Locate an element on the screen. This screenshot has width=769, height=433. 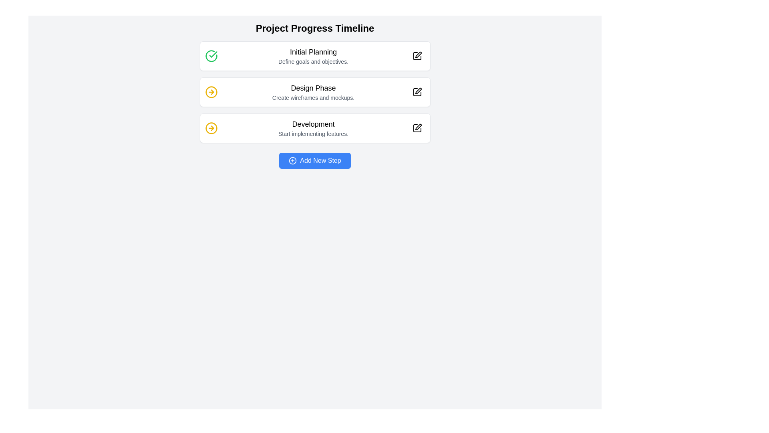
the icon button located on the far-right of the 'Design Phase' entry in the 'Project Progress Timeline' list is located at coordinates (417, 92).